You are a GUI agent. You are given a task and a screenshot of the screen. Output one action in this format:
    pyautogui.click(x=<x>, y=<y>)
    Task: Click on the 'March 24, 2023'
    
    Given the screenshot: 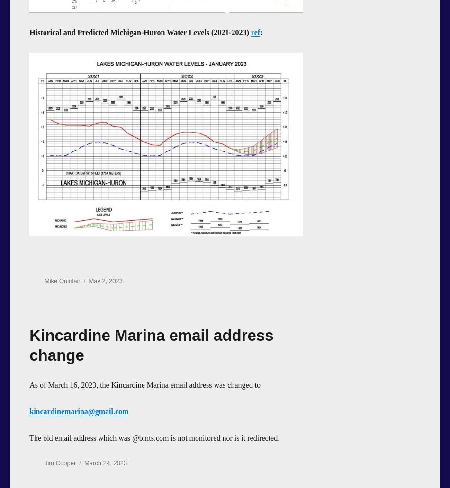 What is the action you would take?
    pyautogui.click(x=105, y=462)
    